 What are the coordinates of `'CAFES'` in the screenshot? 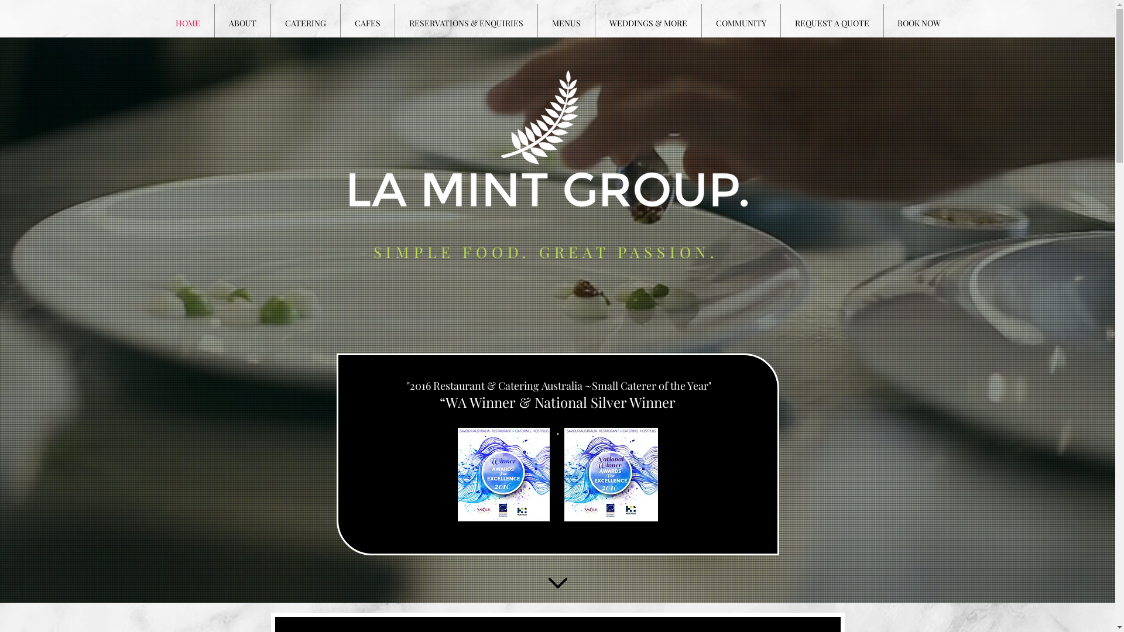 It's located at (367, 23).